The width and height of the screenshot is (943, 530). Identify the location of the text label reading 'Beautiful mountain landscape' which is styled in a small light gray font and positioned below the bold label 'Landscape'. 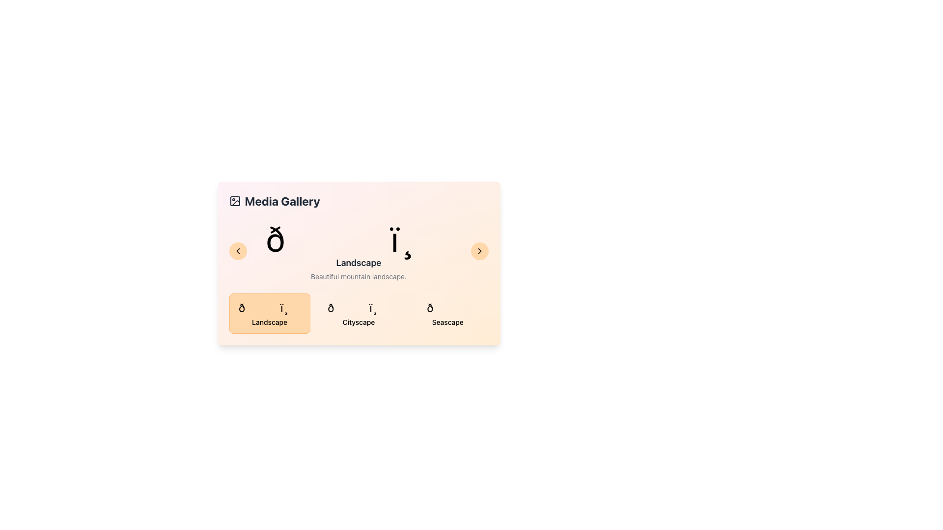
(358, 276).